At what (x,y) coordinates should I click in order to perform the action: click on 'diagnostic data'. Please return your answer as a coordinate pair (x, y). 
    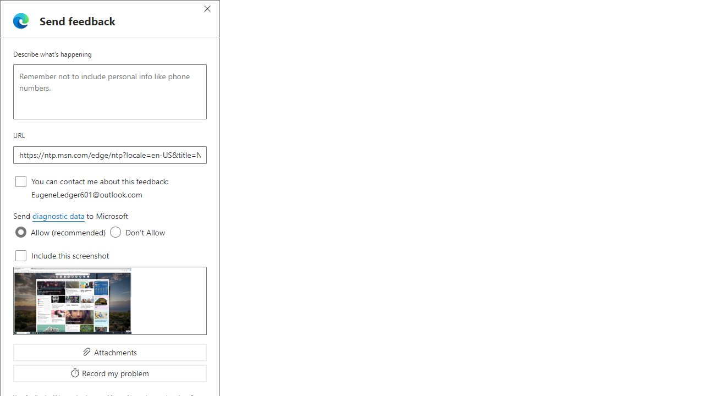
    Looking at the image, I should click on (57, 216).